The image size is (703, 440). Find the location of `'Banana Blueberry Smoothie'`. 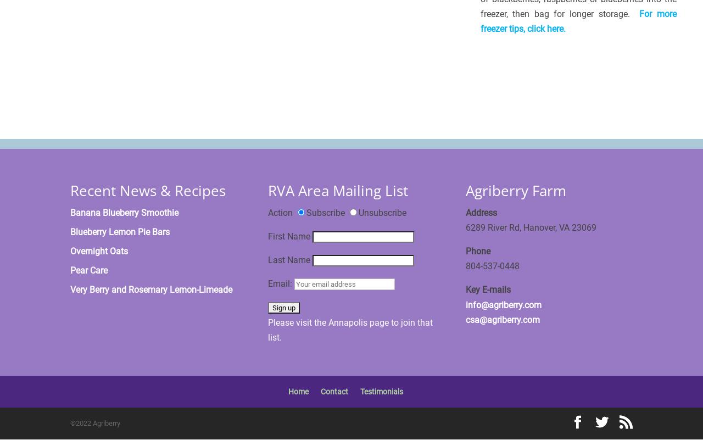

'Banana Blueberry Smoothie' is located at coordinates (70, 212).